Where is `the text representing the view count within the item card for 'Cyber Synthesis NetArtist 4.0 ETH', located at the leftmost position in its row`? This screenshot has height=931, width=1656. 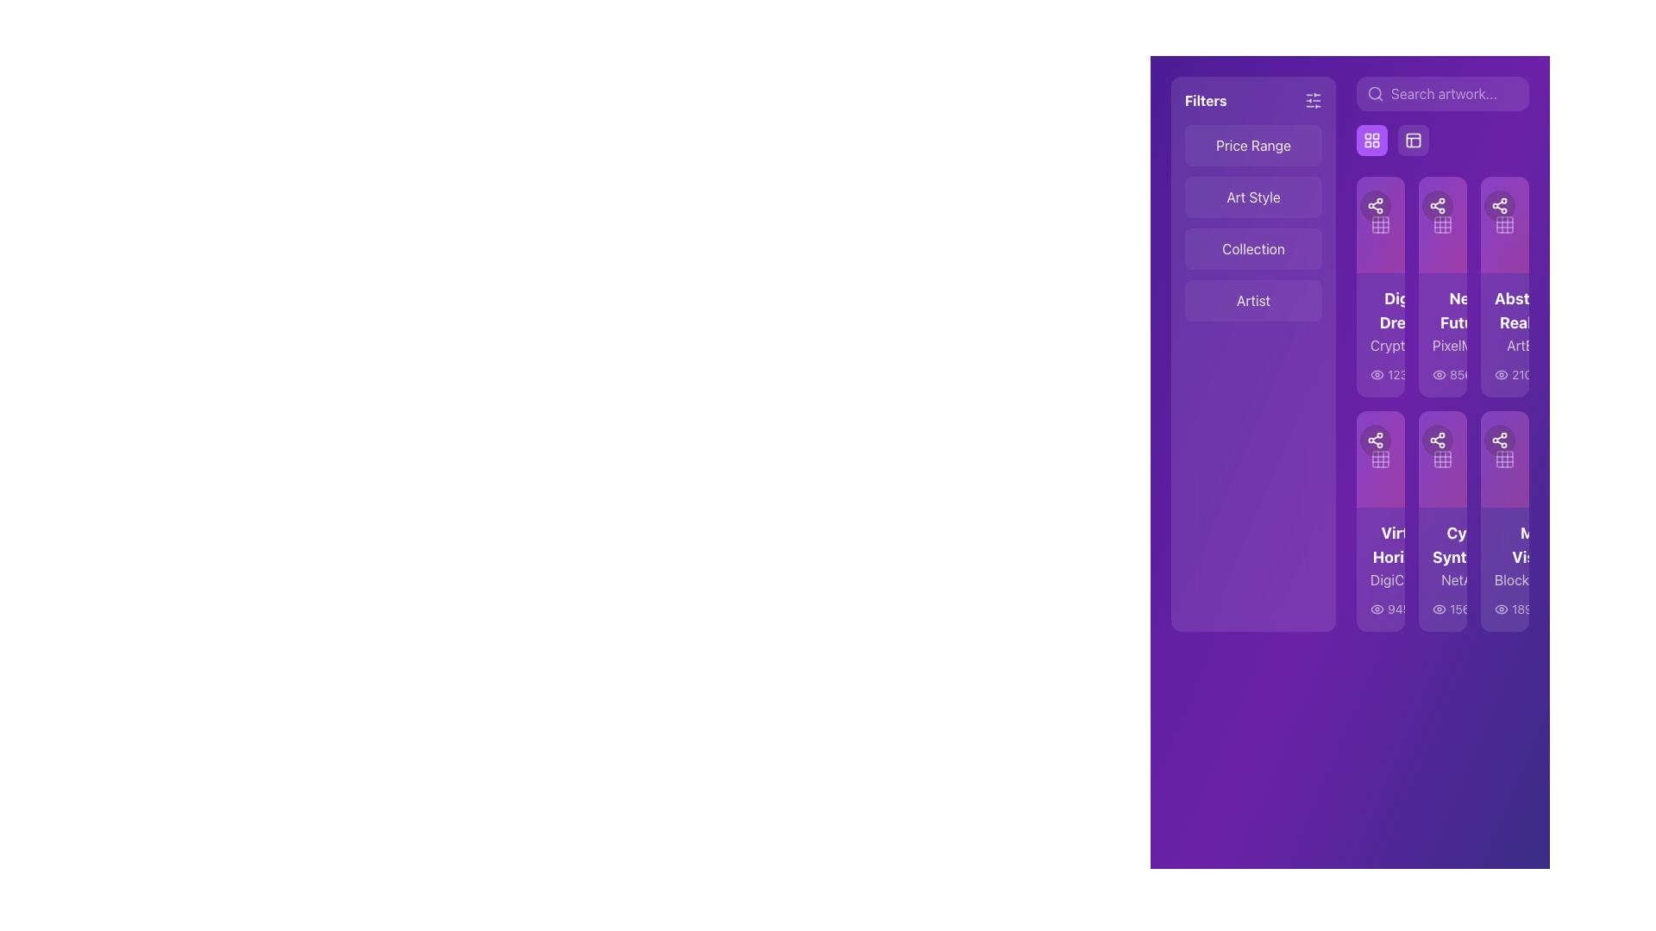 the text representing the view count within the item card for 'Cyber Synthesis NetArtist 4.0 ETH', located at the leftmost position in its row is located at coordinates (1443, 608).